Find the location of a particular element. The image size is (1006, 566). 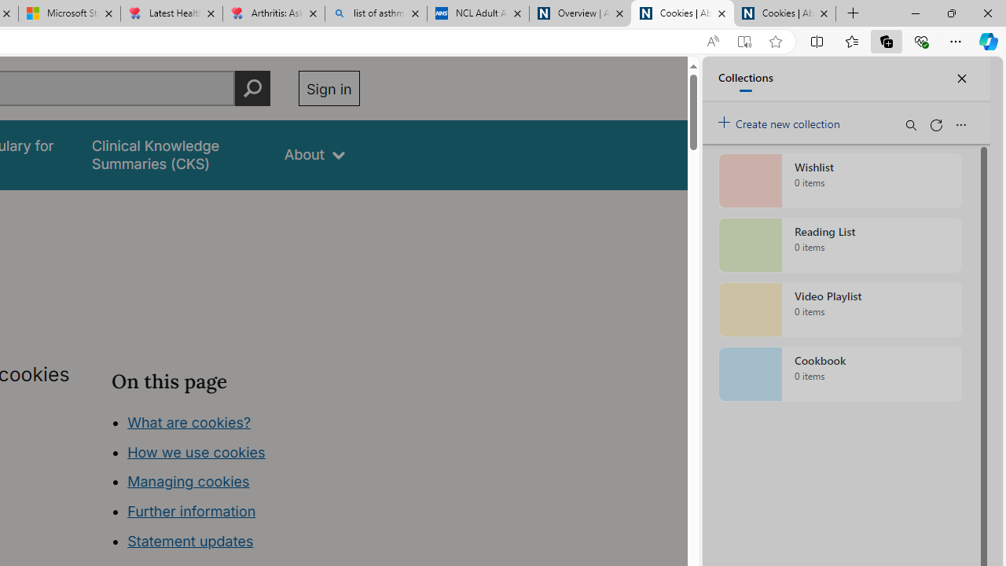

'Split screen' is located at coordinates (817, 40).